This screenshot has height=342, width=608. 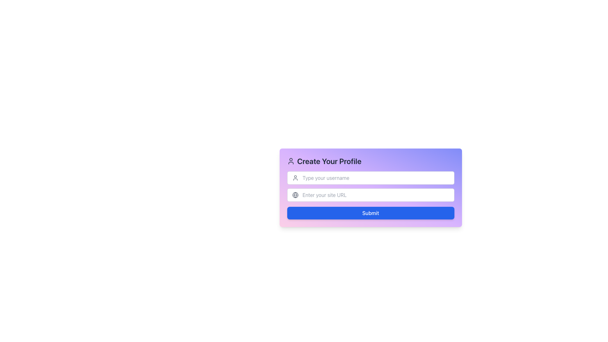 What do you see at coordinates (295, 195) in the screenshot?
I see `the primary large circular graphical icon located within the globe icon adjacent to the site URL input field` at bounding box center [295, 195].